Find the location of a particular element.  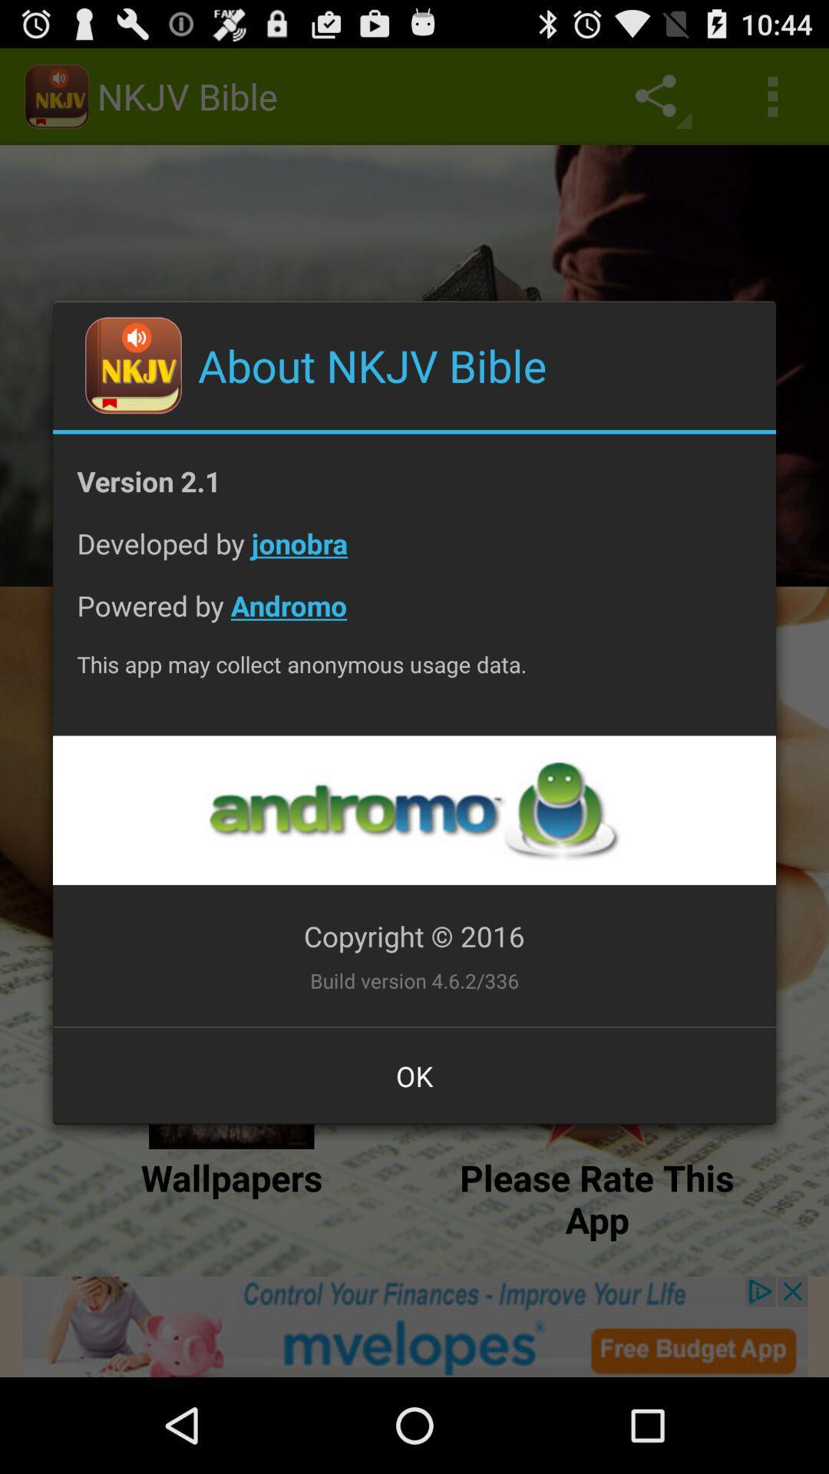

opens a link to the developer is located at coordinates (413, 809).